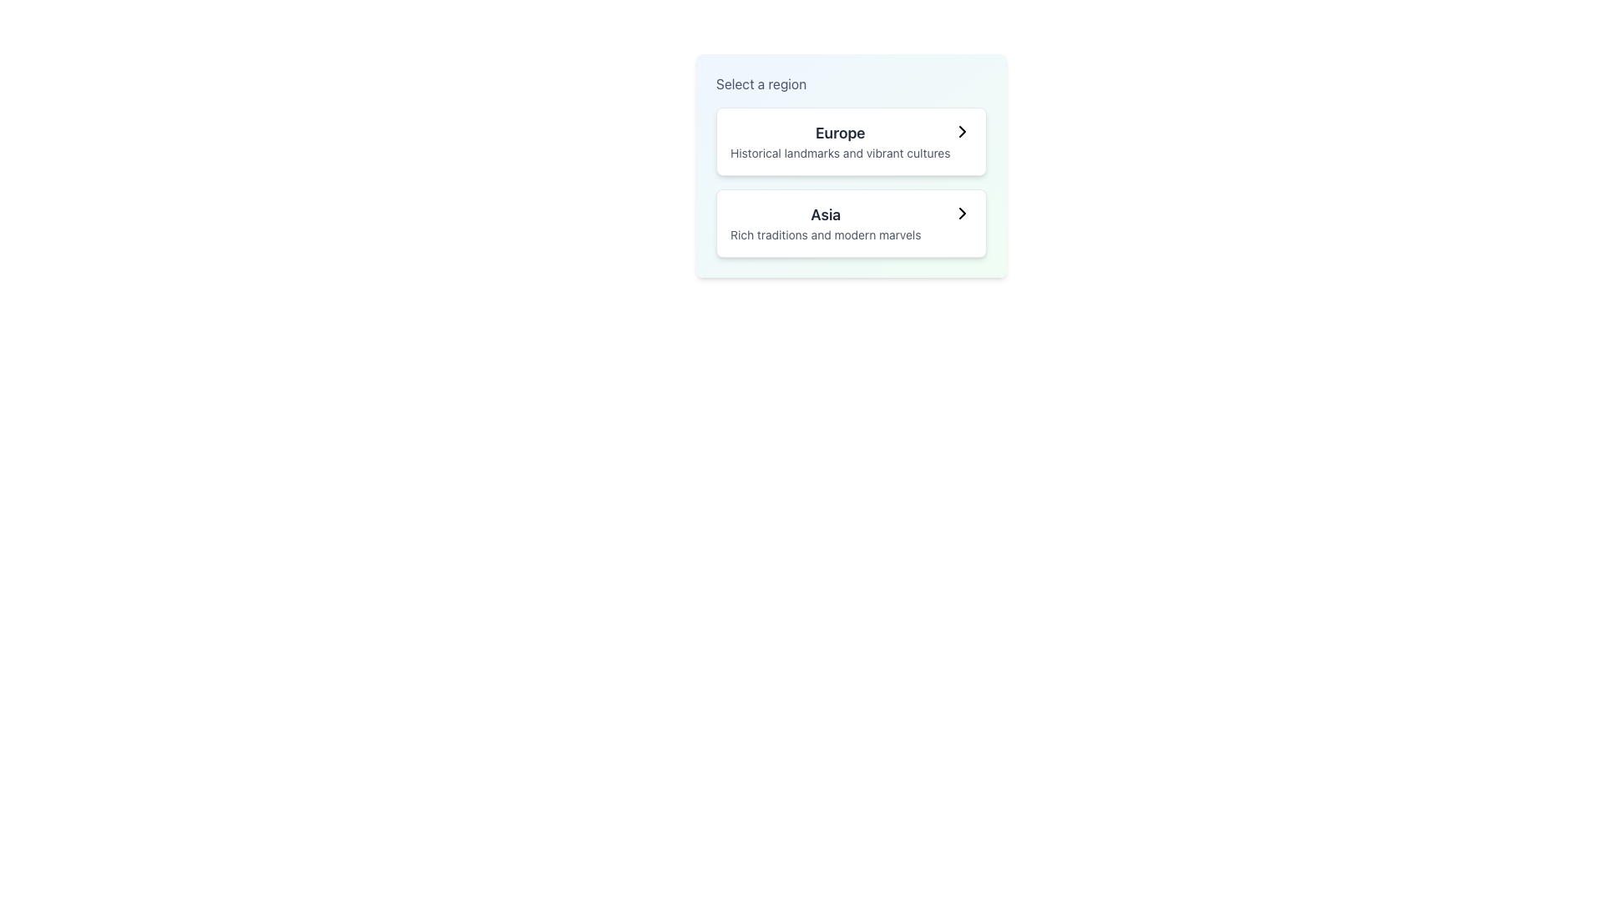 The width and height of the screenshot is (1603, 901). Describe the element at coordinates (962, 212) in the screenshot. I see `the arrow icon located at the far right end of the selection box labeled 'Asia'` at that location.